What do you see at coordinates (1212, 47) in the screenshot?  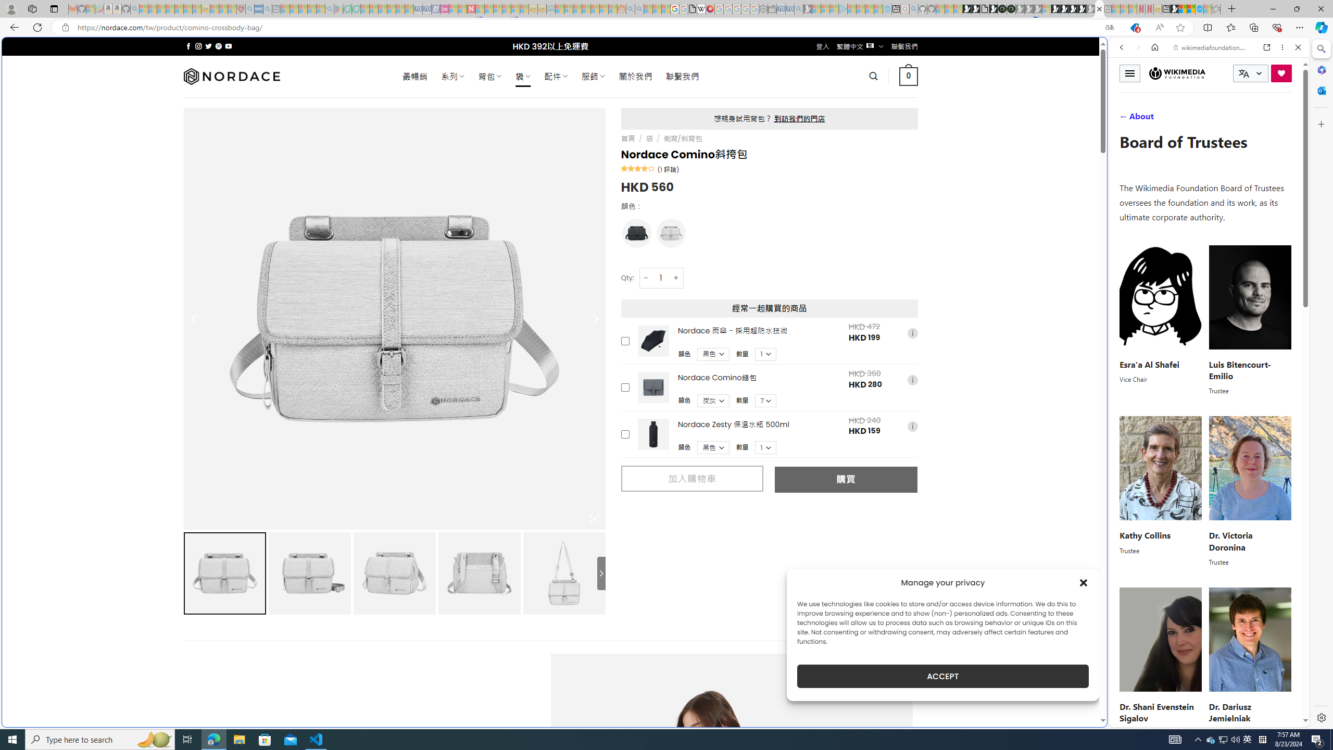 I see `'wikimediafoundation.org'` at bounding box center [1212, 47].